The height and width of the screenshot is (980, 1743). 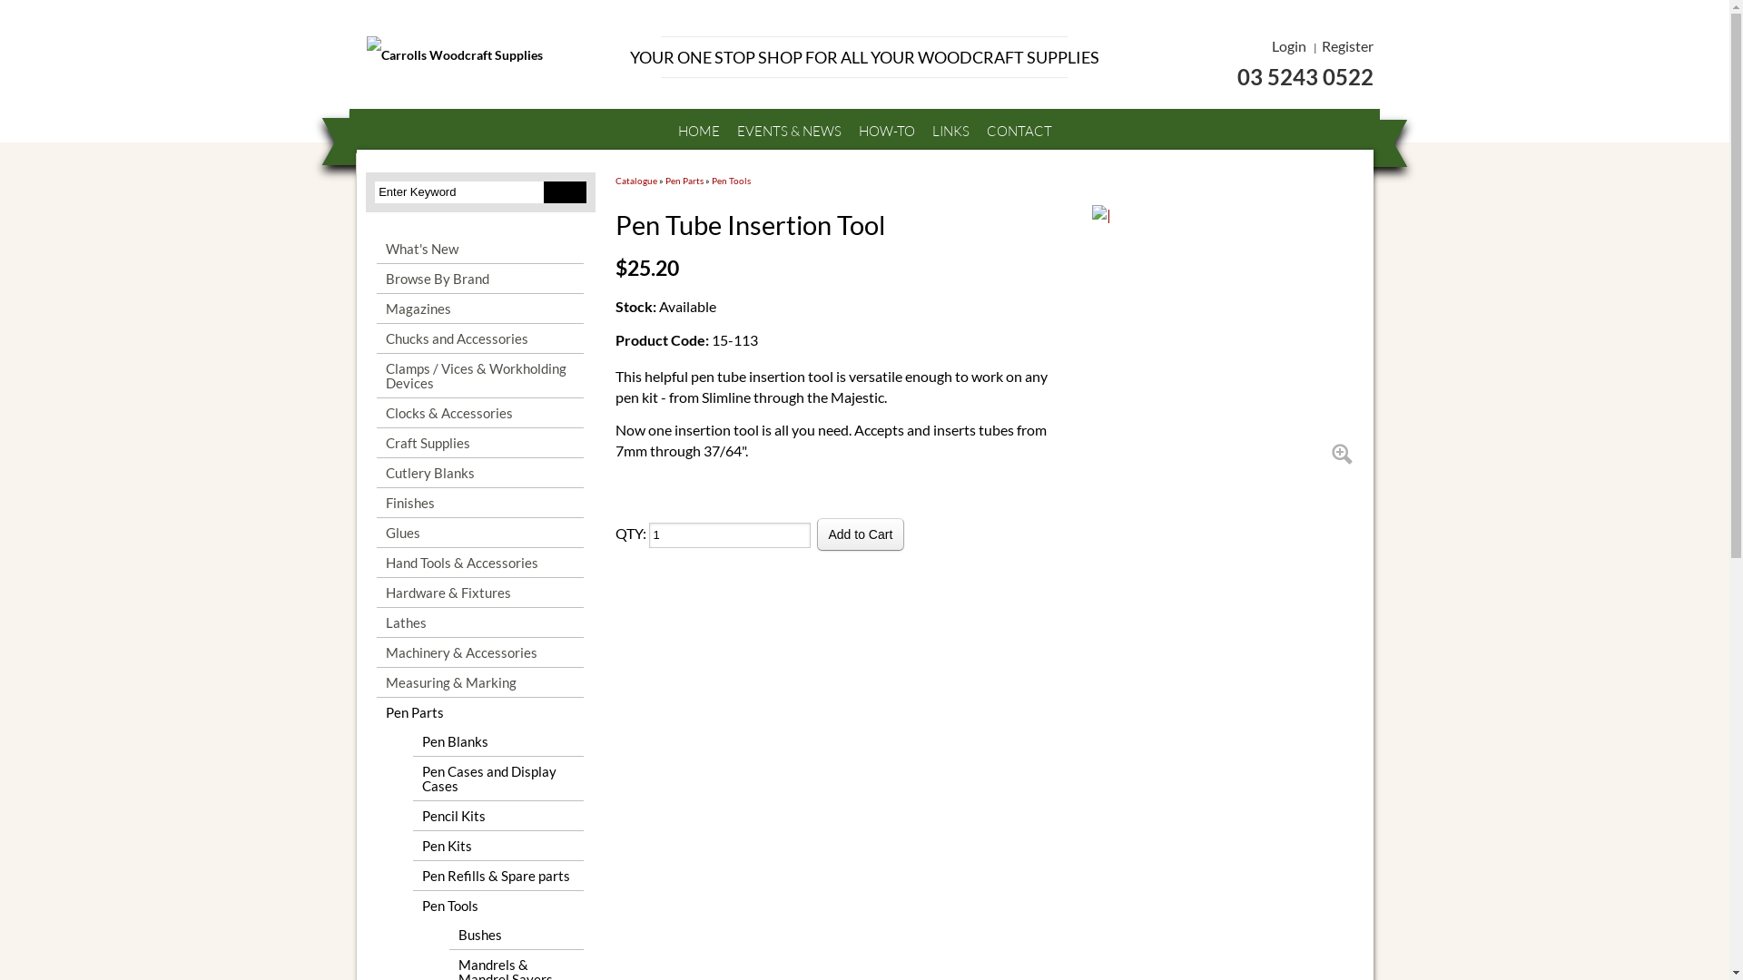 What do you see at coordinates (1321, 44) in the screenshot?
I see `'Register'` at bounding box center [1321, 44].